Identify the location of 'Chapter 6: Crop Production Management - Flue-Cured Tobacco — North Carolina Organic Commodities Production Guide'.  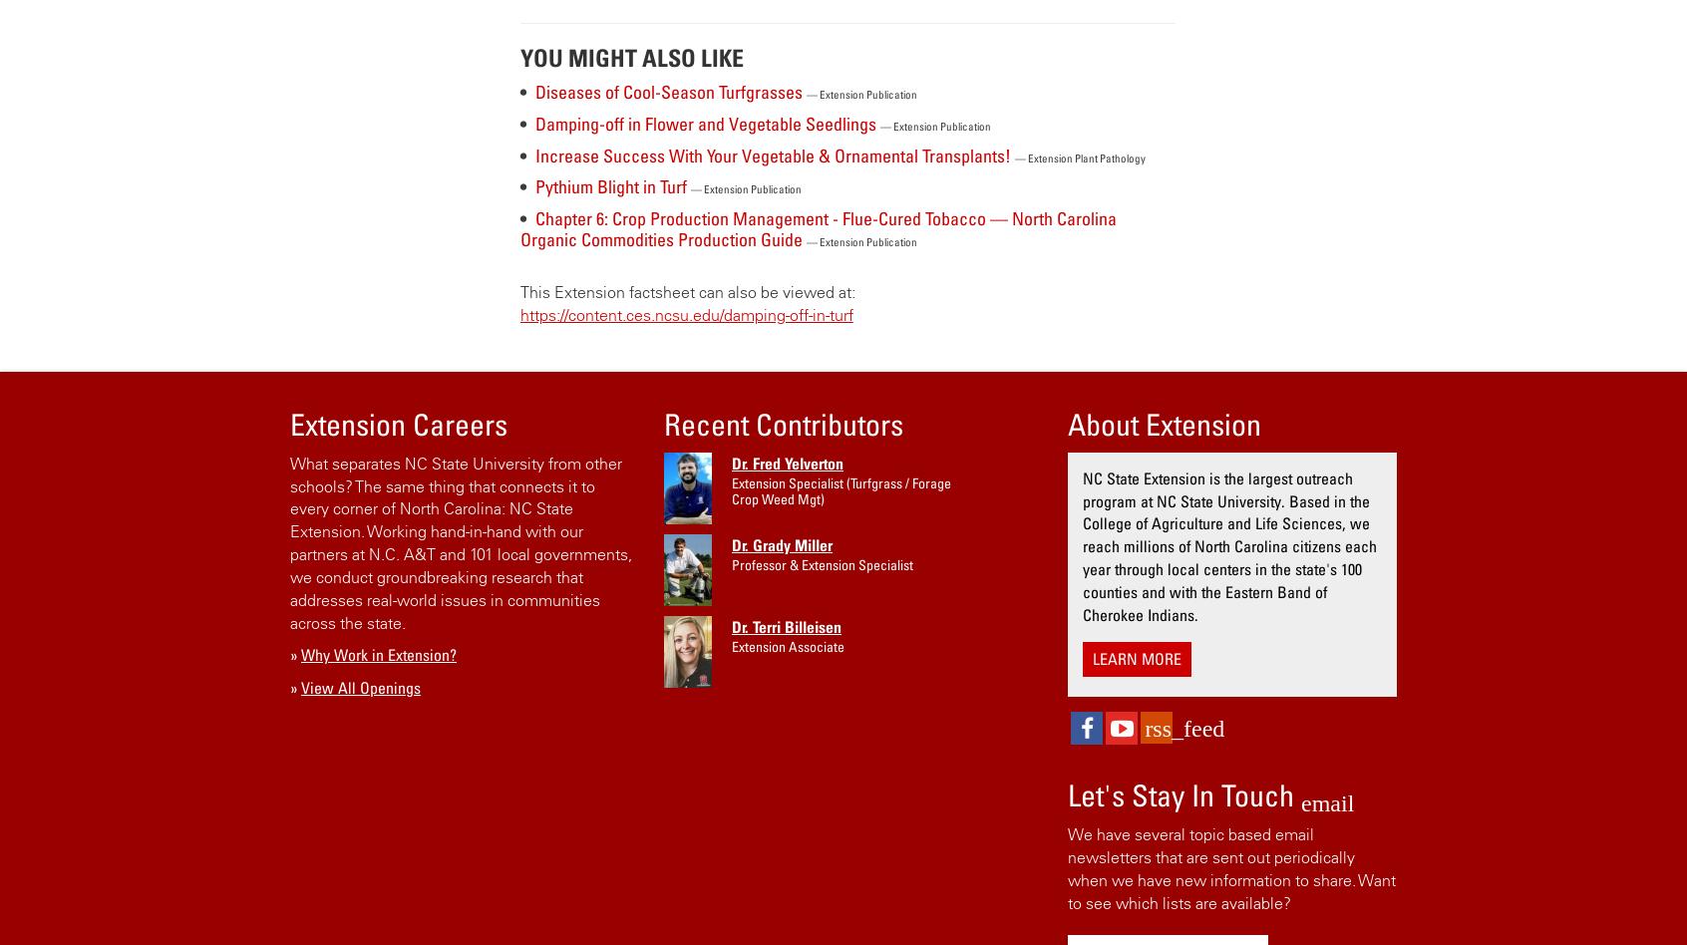
(817, 227).